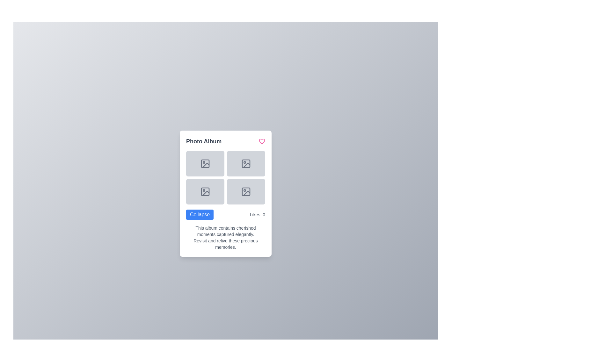 Image resolution: width=612 pixels, height=344 pixels. Describe the element at coordinates (226, 244) in the screenshot. I see `text block that describes the content related to the album, positioned below the text block stating 'This album contains cherished moments captured elegantly' within the 'Photo Album' card` at that location.